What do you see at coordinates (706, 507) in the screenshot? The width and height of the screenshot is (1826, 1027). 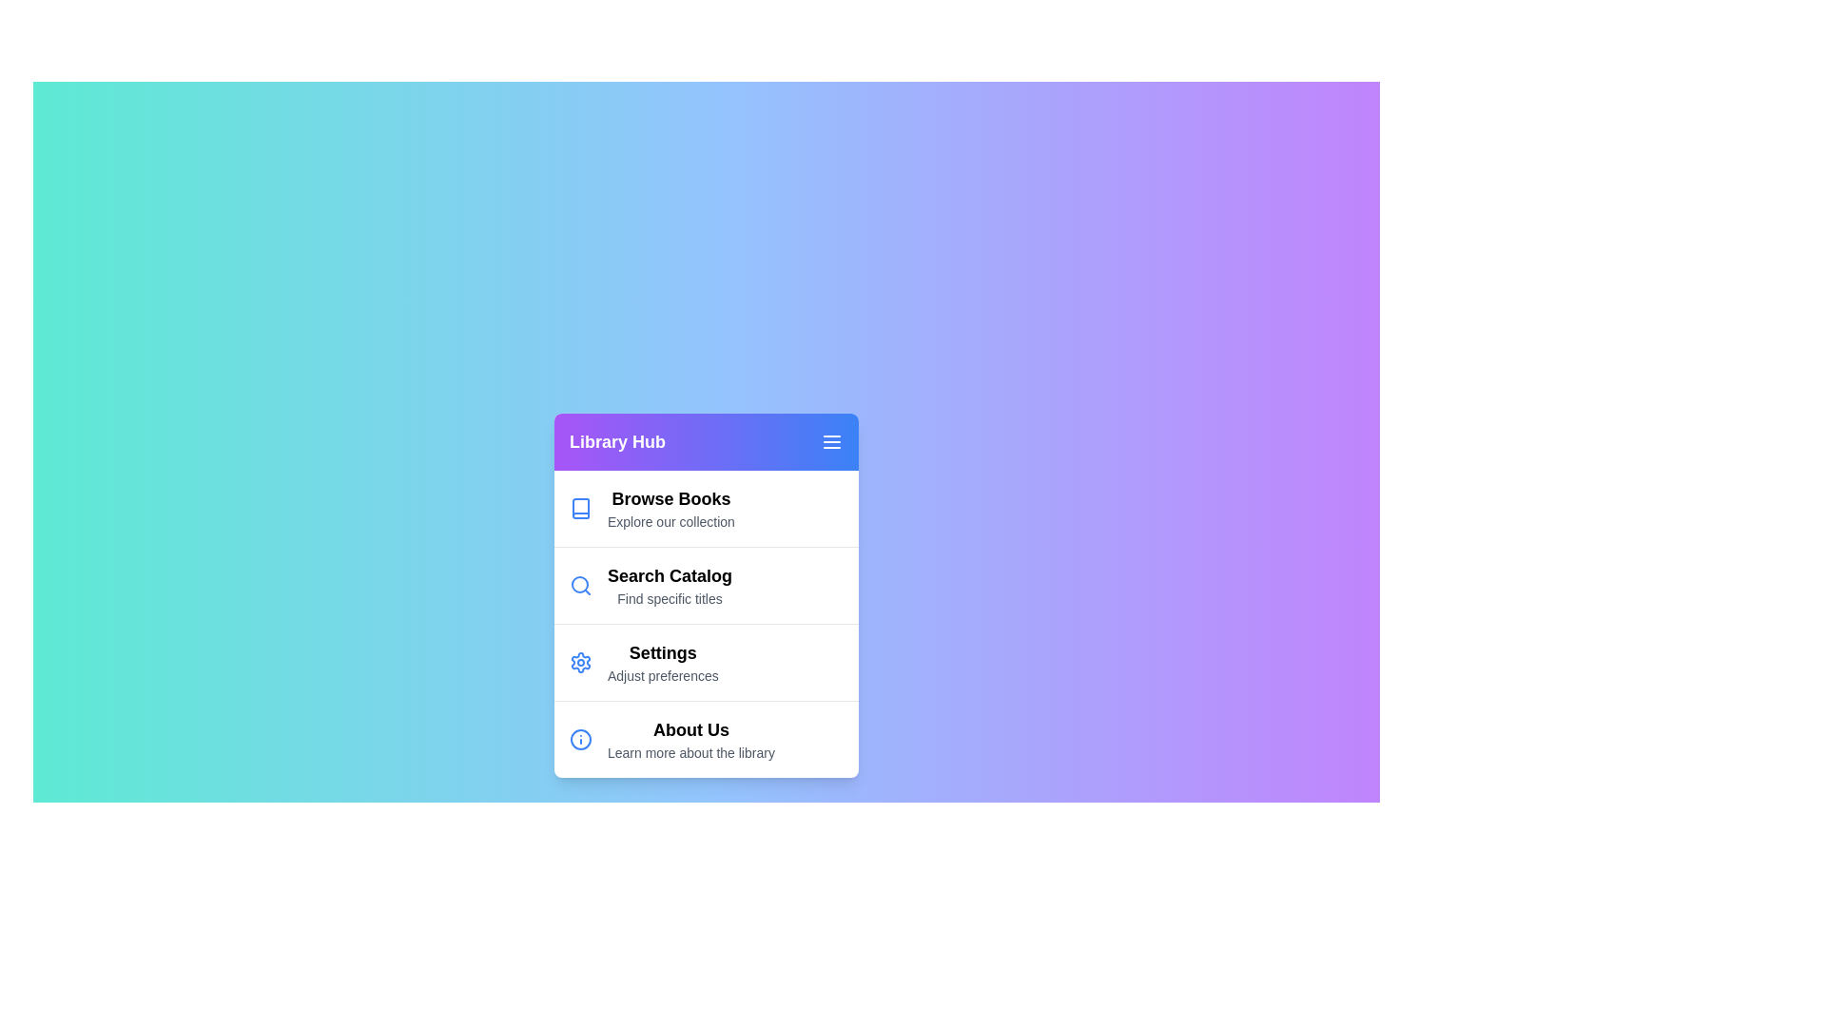 I see `the menu item labeled 'Browse Books' to highlight it` at bounding box center [706, 507].